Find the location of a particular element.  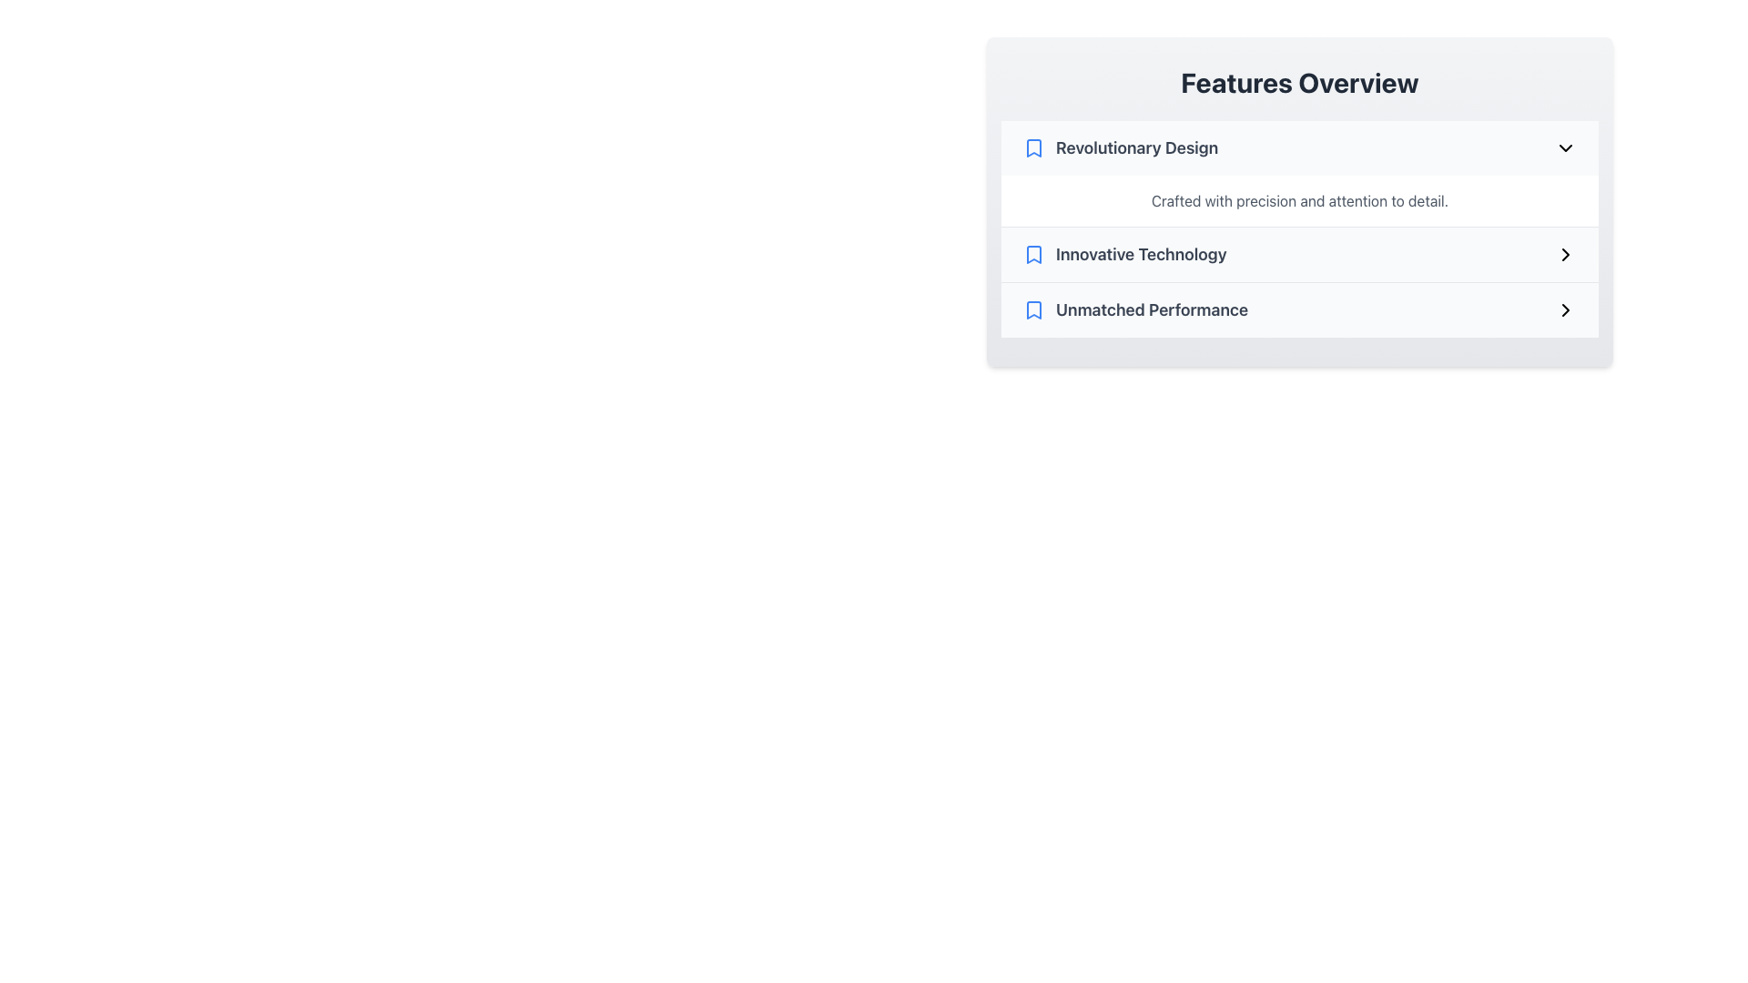

the bookmark icon representing the 'Innovative Technology' entry in the Features Overview list is located at coordinates (1034, 255).